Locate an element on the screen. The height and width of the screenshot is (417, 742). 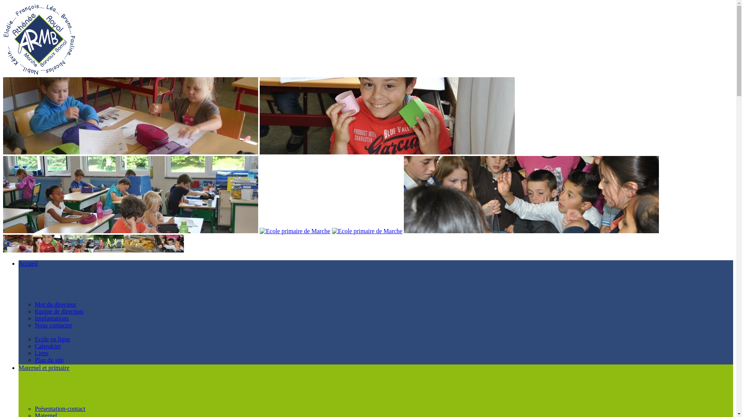
'Plan du site' is located at coordinates (49, 360).